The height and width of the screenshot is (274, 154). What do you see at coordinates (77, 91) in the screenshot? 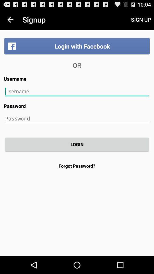
I see `the username` at bounding box center [77, 91].